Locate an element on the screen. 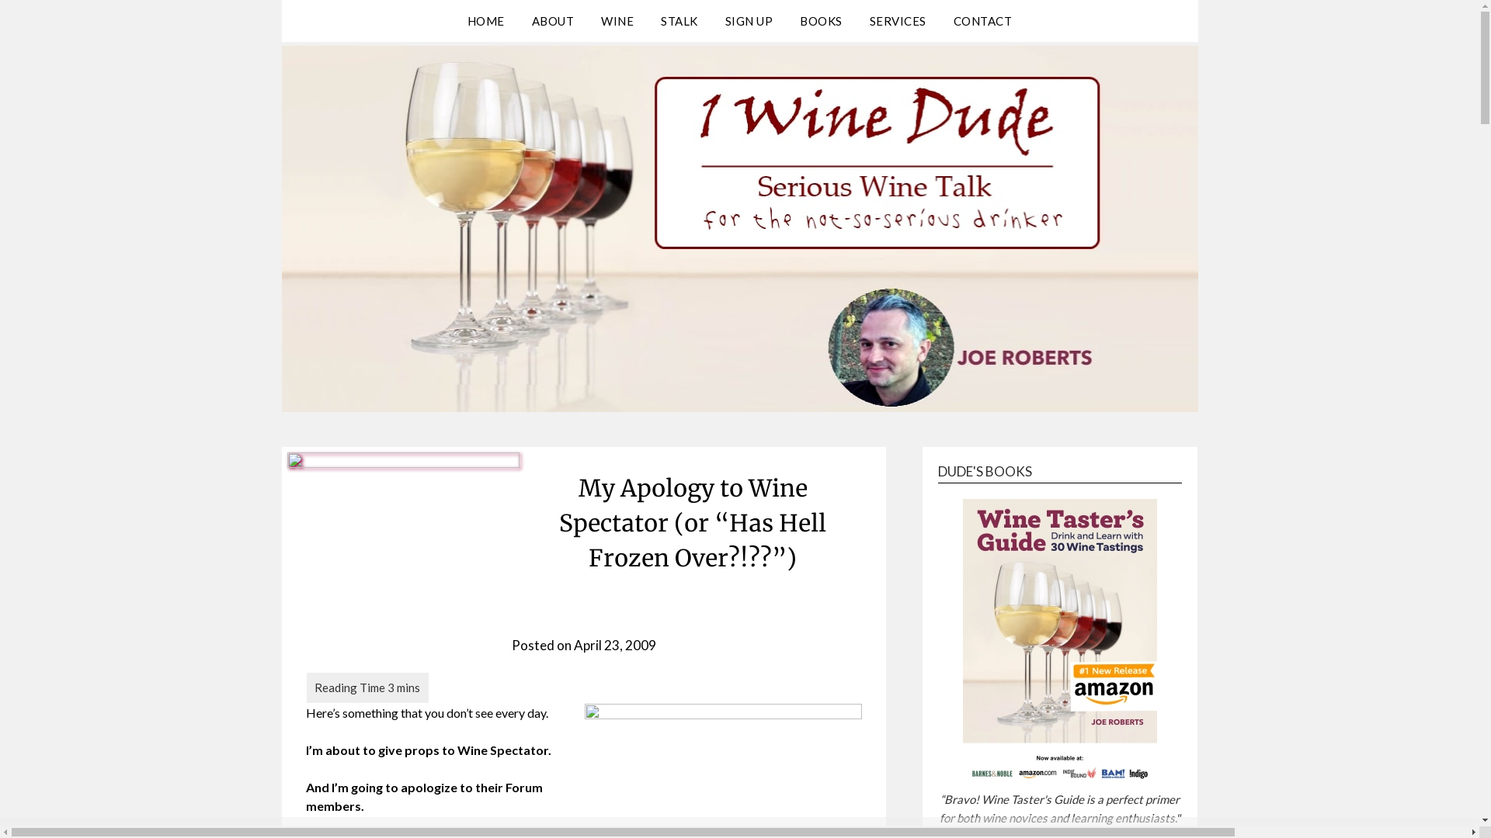  'BOOKS' is located at coordinates (787, 21).